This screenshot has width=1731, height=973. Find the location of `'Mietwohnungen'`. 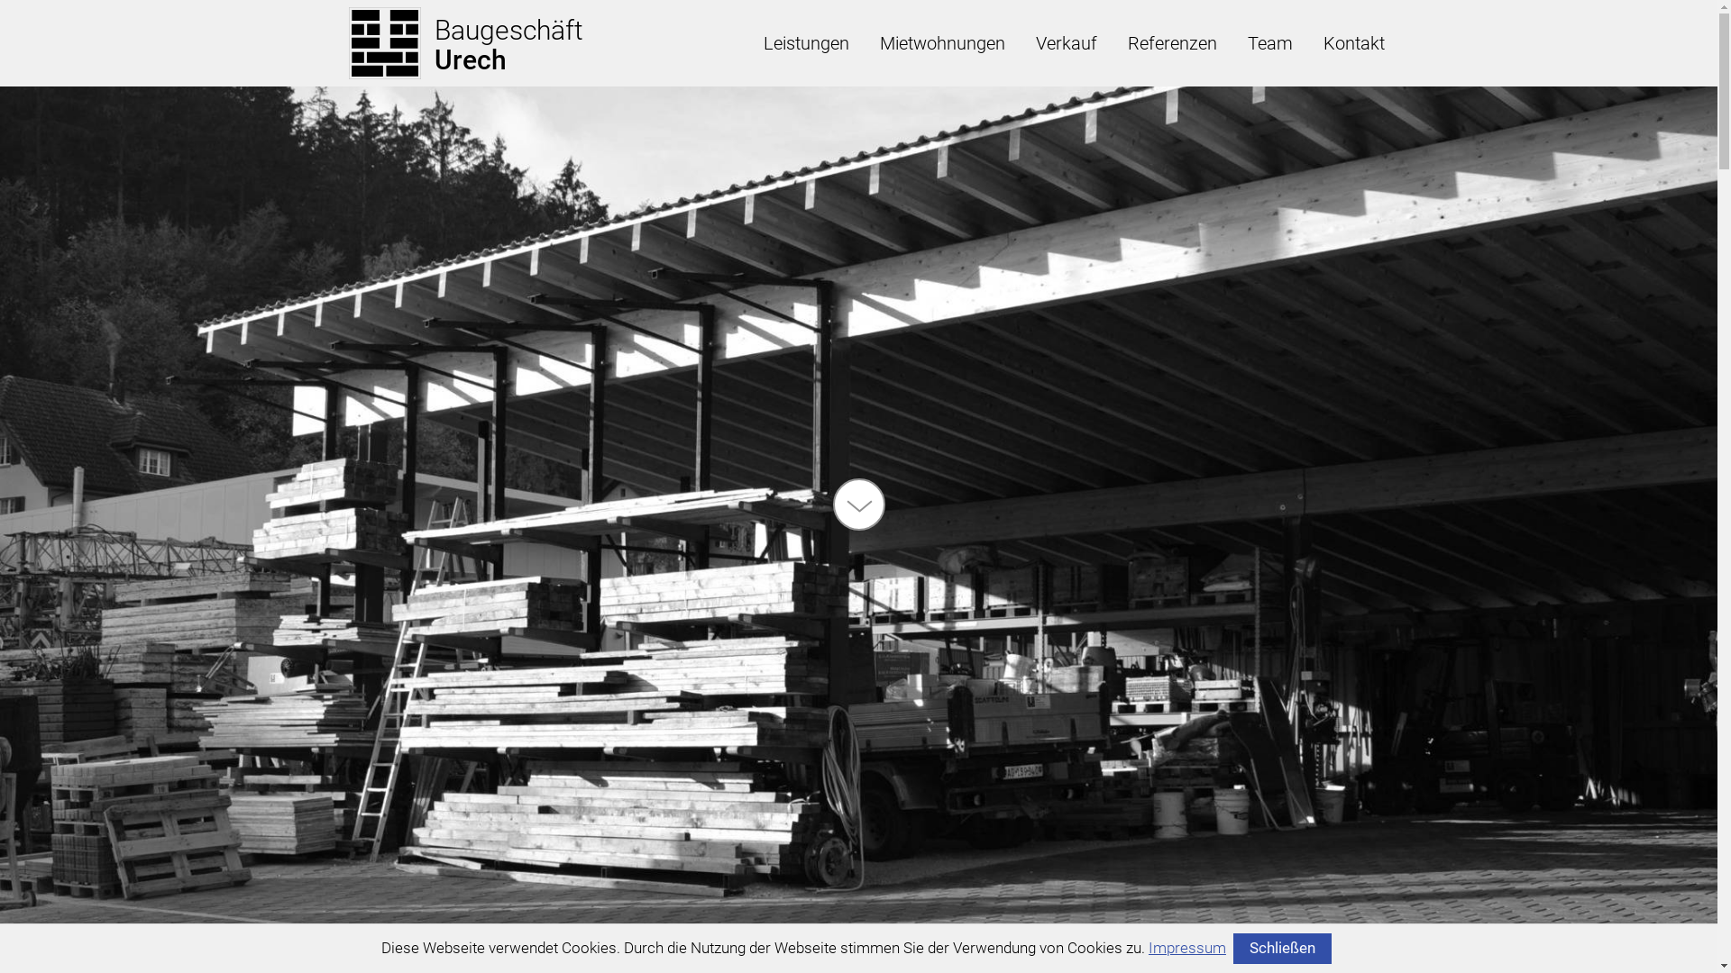

'Mietwohnungen' is located at coordinates (863, 41).